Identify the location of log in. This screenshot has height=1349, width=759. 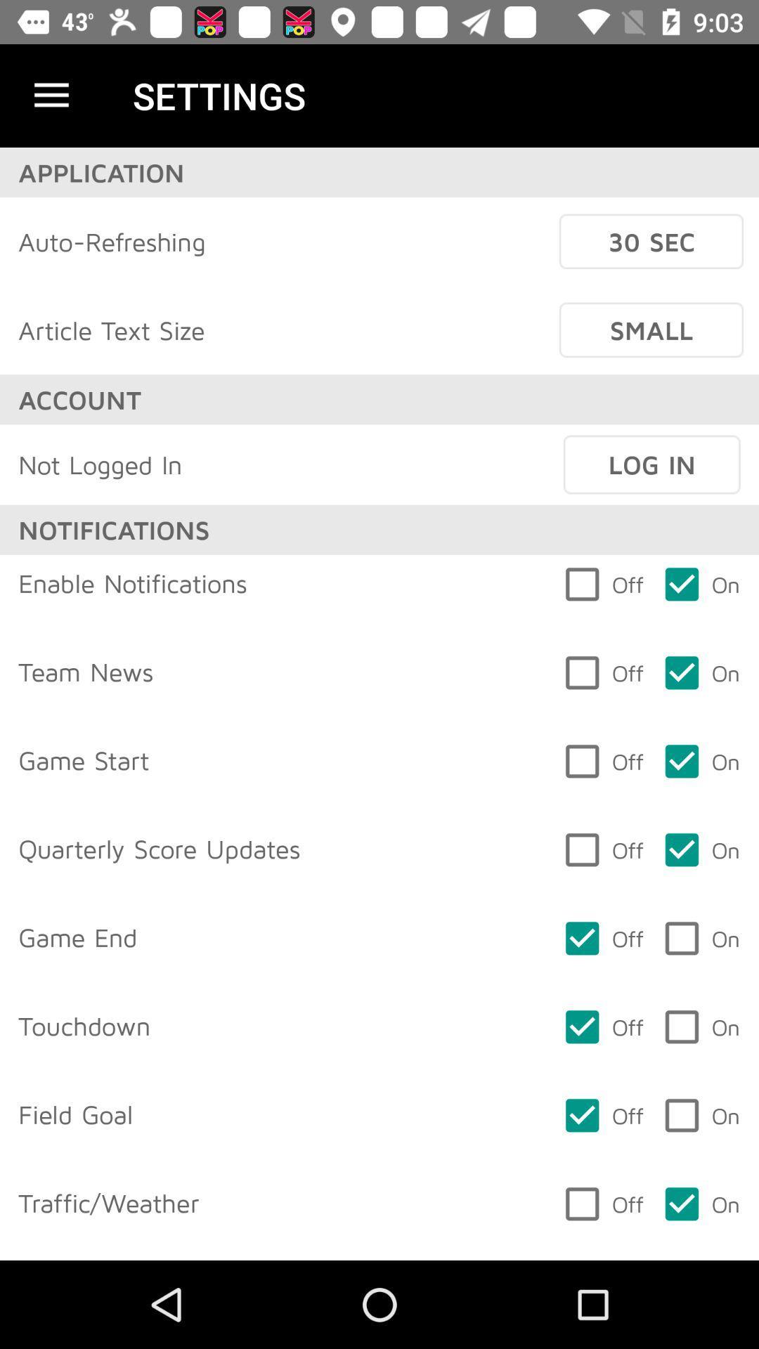
(651, 464).